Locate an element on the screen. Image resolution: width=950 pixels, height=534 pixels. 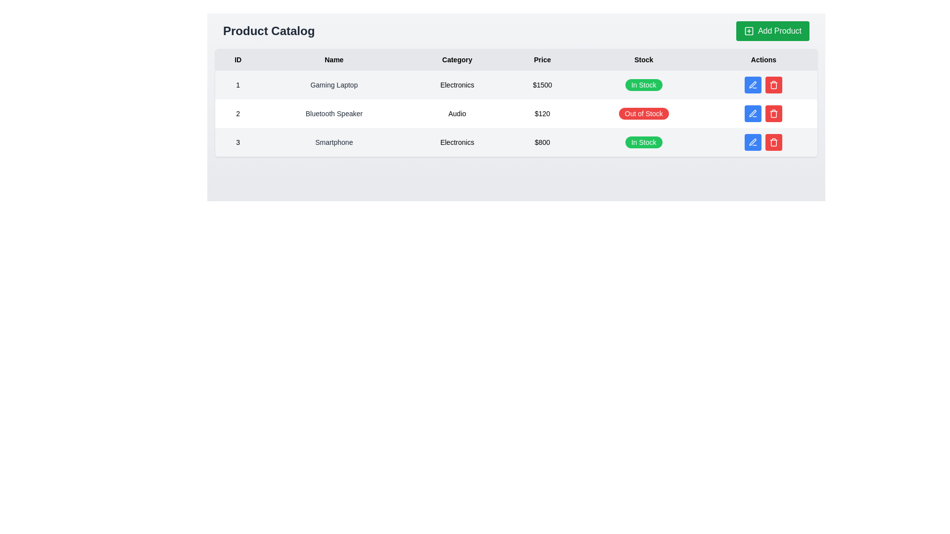
the Status indicator label that displays 'In Stock' with a green background in the third row of the Stock column is located at coordinates (644, 142).